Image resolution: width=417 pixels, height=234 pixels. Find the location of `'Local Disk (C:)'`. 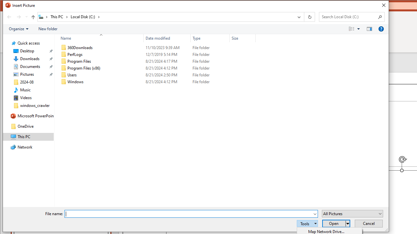

'Local Disk (C:)' is located at coordinates (85, 16).